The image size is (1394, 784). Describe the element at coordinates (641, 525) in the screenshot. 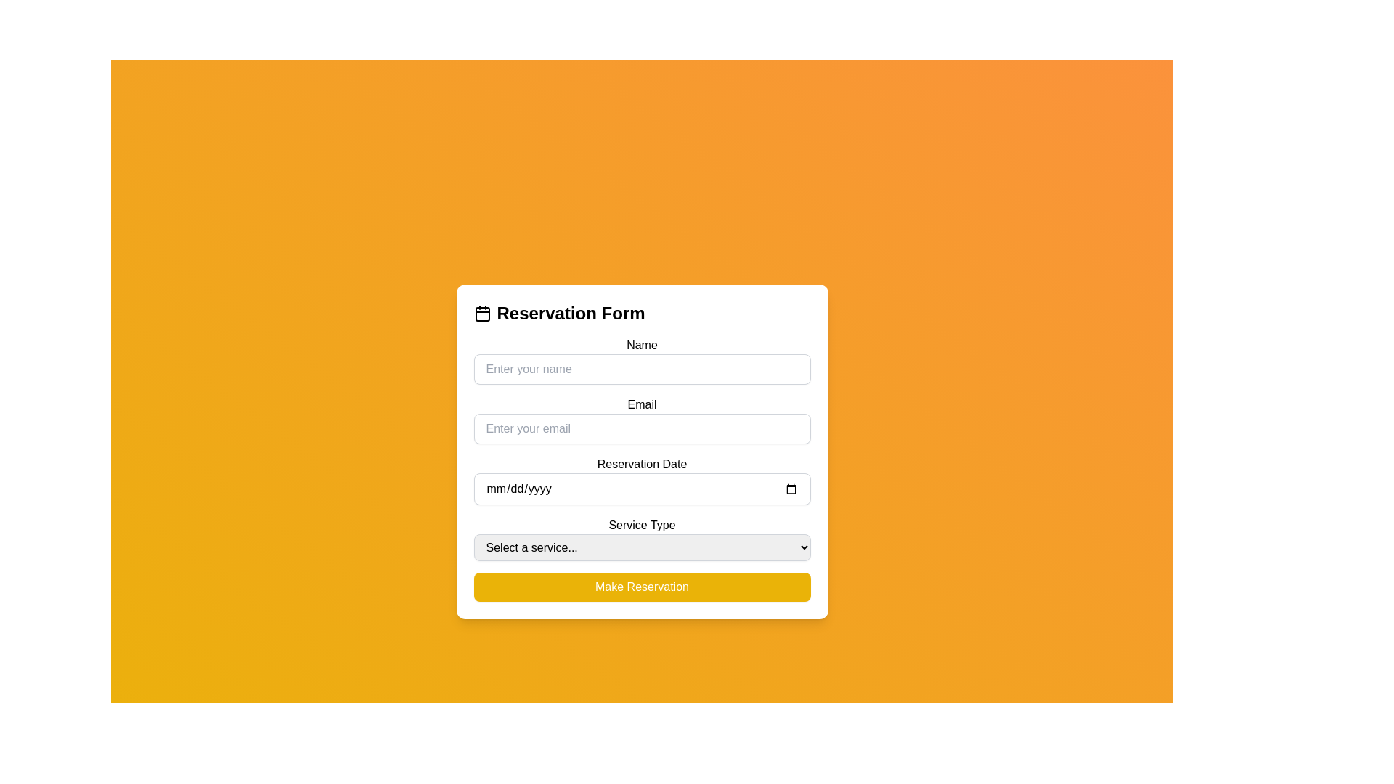

I see `the 'Service Type' label, which is a bold label positioned directly above the dropdown menu labeled 'Select a service...' in a vertically stacked form layout` at that location.